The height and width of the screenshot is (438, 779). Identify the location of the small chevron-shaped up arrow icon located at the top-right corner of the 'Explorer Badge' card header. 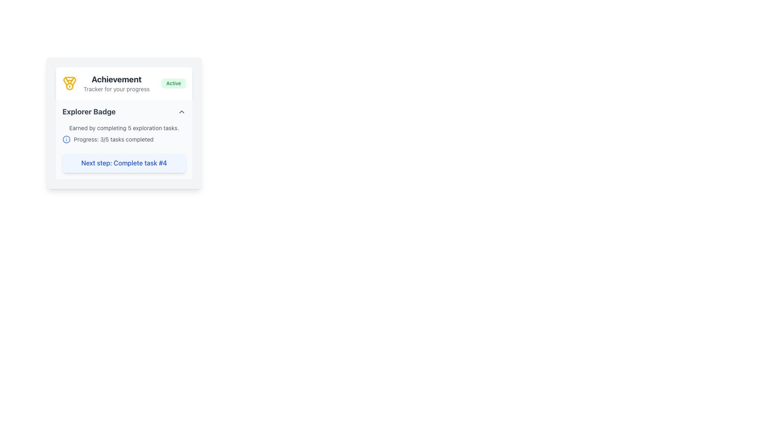
(181, 112).